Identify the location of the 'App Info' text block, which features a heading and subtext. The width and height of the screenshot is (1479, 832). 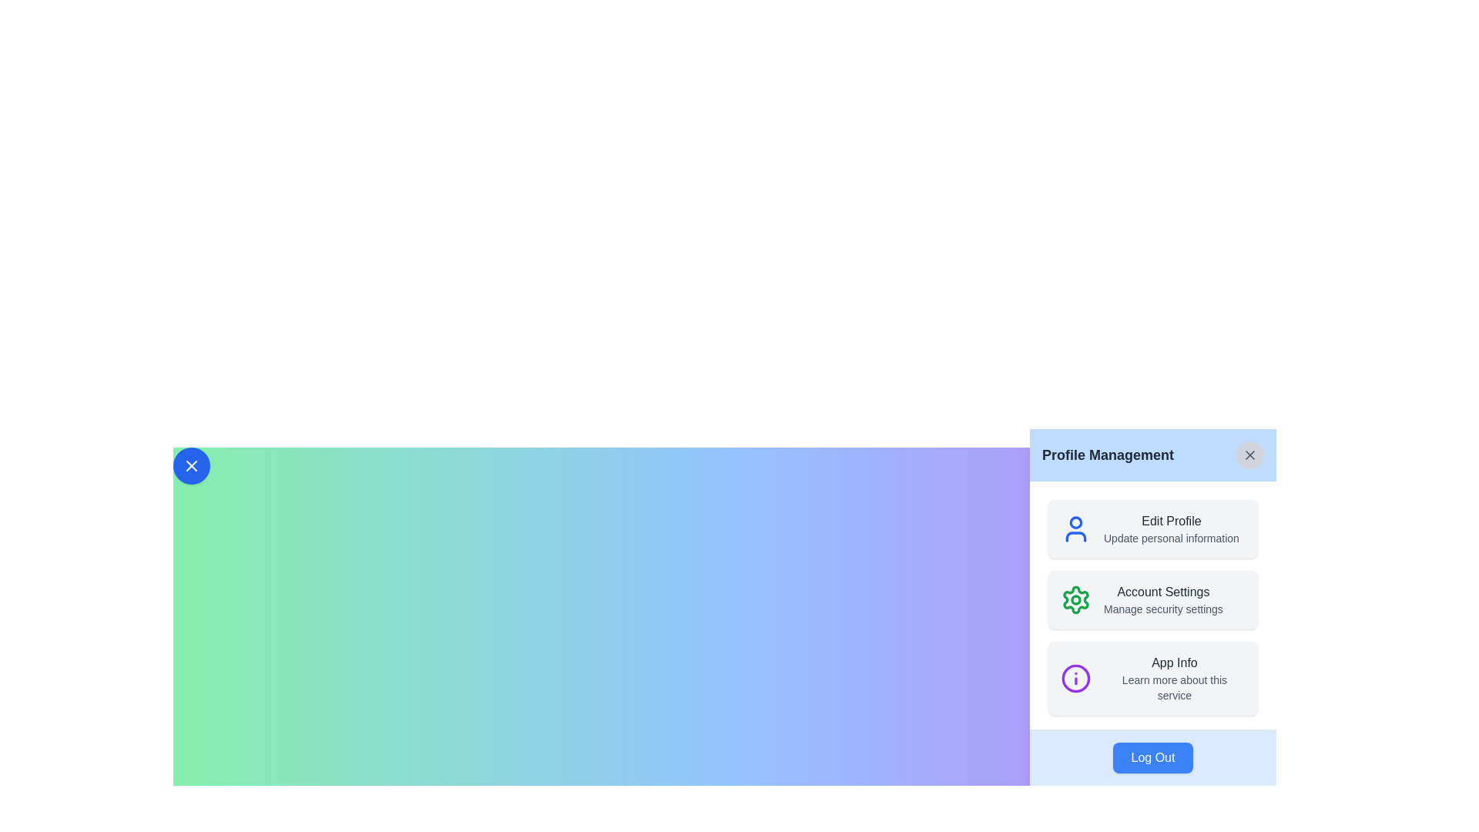
(1174, 677).